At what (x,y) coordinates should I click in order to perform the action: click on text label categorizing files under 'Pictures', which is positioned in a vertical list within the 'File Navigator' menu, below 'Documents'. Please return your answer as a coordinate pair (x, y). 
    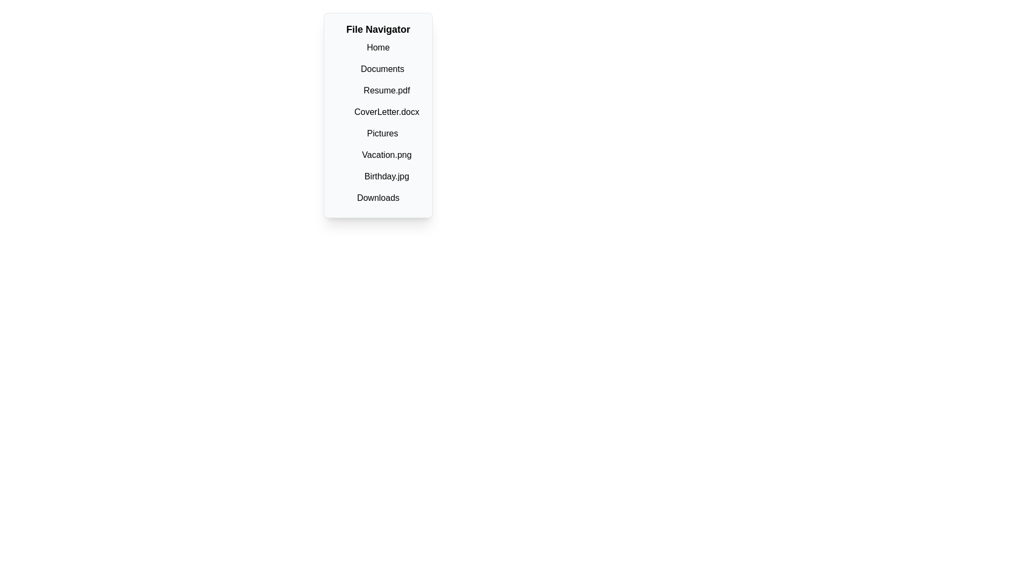
    Looking at the image, I should click on (382, 155).